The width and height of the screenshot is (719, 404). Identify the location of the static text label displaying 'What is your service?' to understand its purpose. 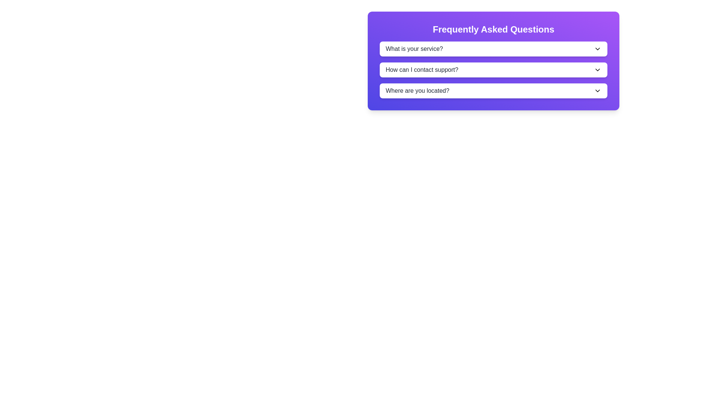
(414, 49).